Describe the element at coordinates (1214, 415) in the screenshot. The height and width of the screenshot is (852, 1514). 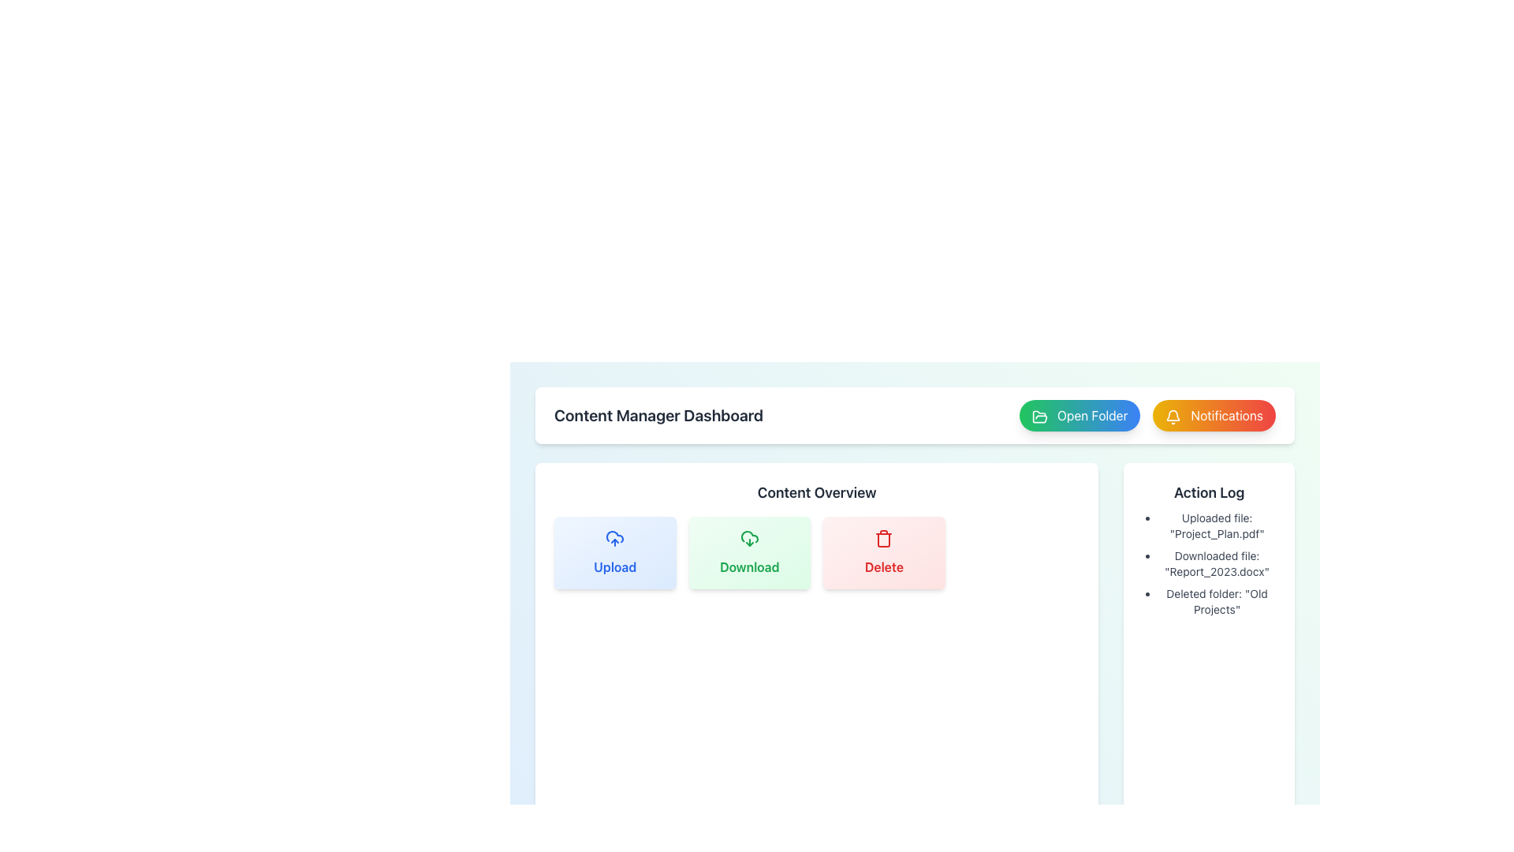
I see `the notification button located in the top-right section of the interface, immediately to the right of the 'Open Folder' button` at that location.